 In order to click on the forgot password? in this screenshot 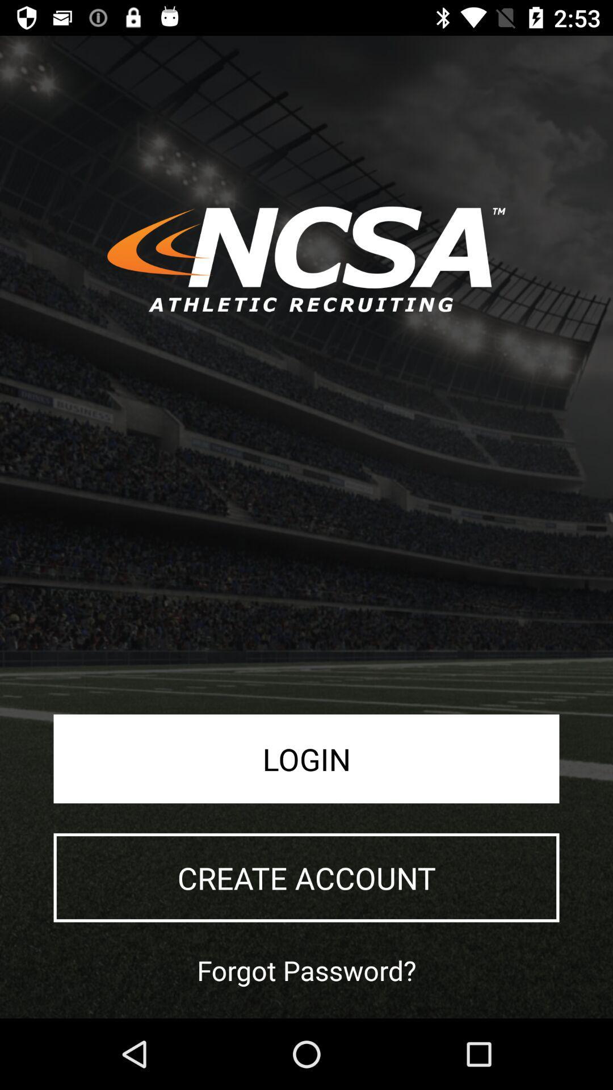, I will do `click(306, 970)`.